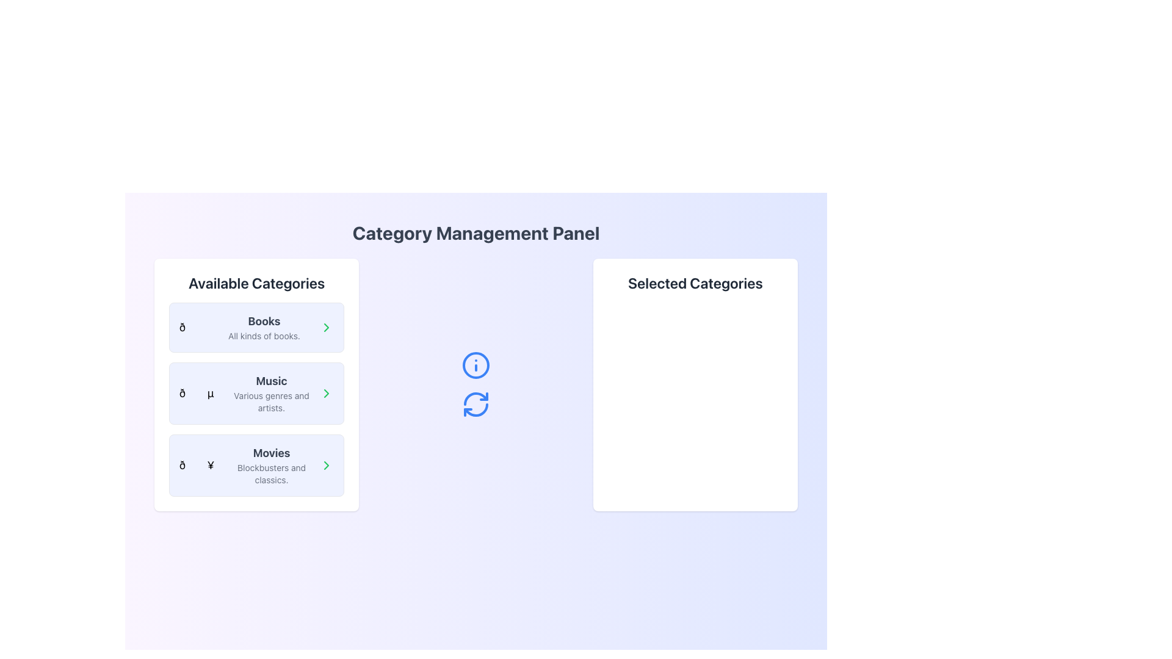  What do you see at coordinates (256, 283) in the screenshot?
I see `header titled 'Available Categories' located at the top of the left-side panel` at bounding box center [256, 283].